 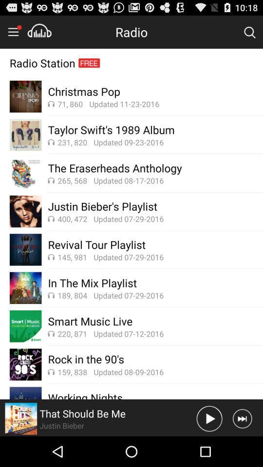 What do you see at coordinates (242, 418) in the screenshot?
I see `next song` at bounding box center [242, 418].